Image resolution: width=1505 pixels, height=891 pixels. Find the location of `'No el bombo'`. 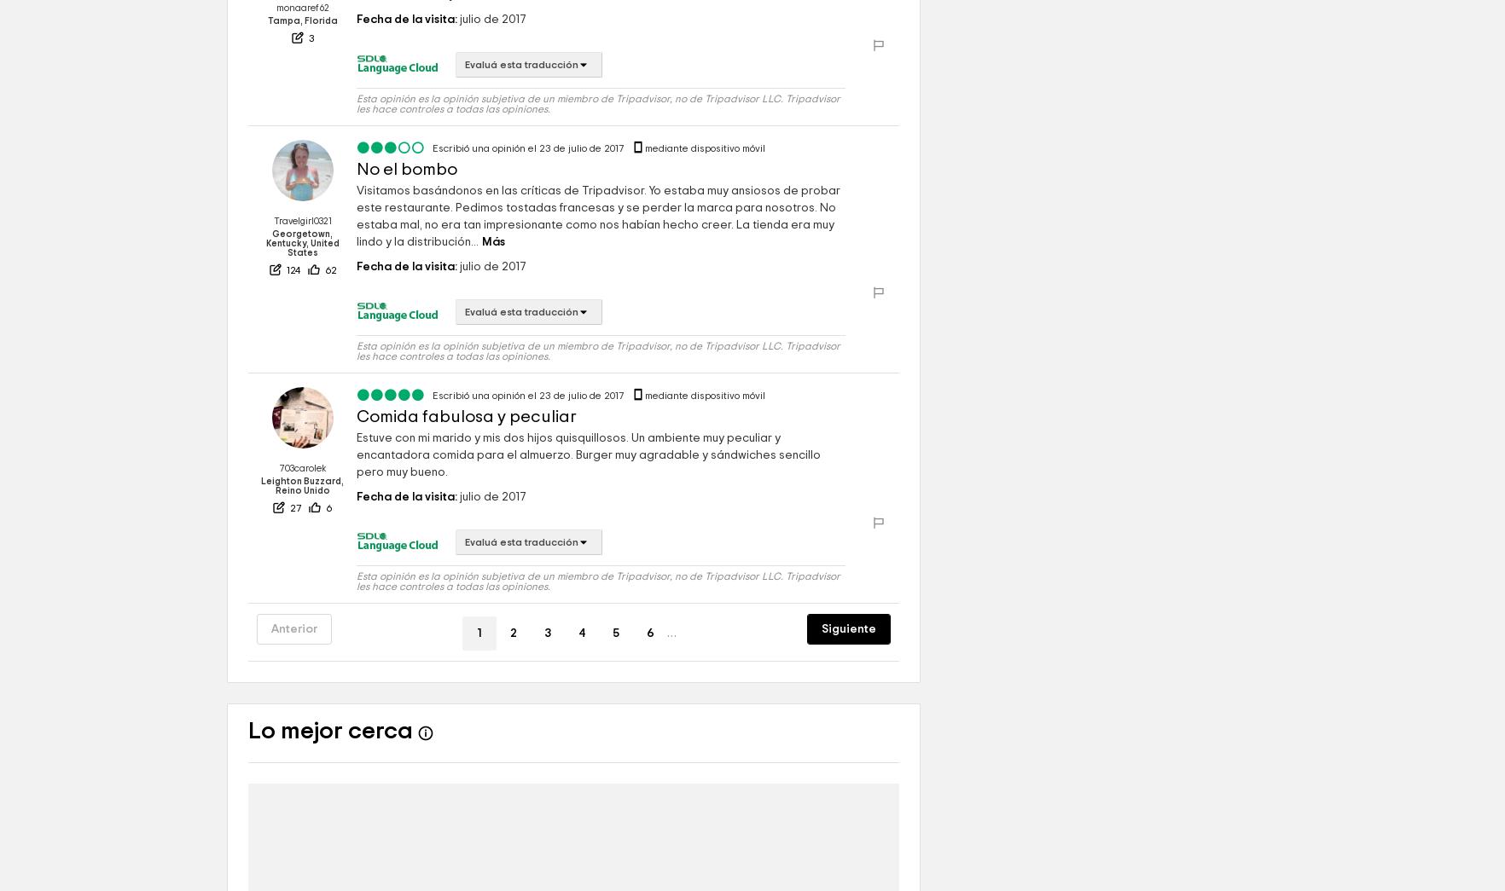

'No el bombo' is located at coordinates (406, 219).